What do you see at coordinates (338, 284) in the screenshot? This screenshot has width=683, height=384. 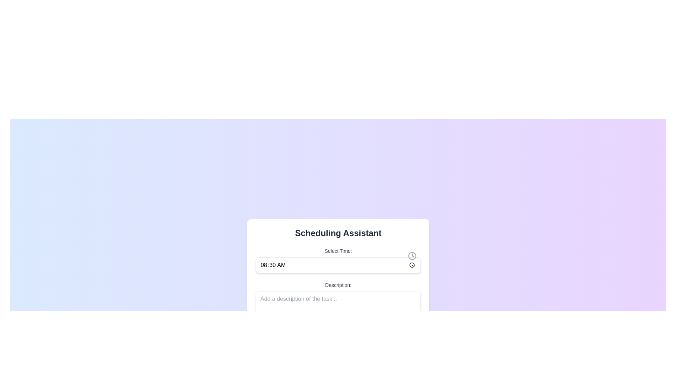 I see `text of the label indicating that the input field below is for providing a description, located directly above the text input field marked with placeholder text 'Add a description of the task...'` at bounding box center [338, 284].